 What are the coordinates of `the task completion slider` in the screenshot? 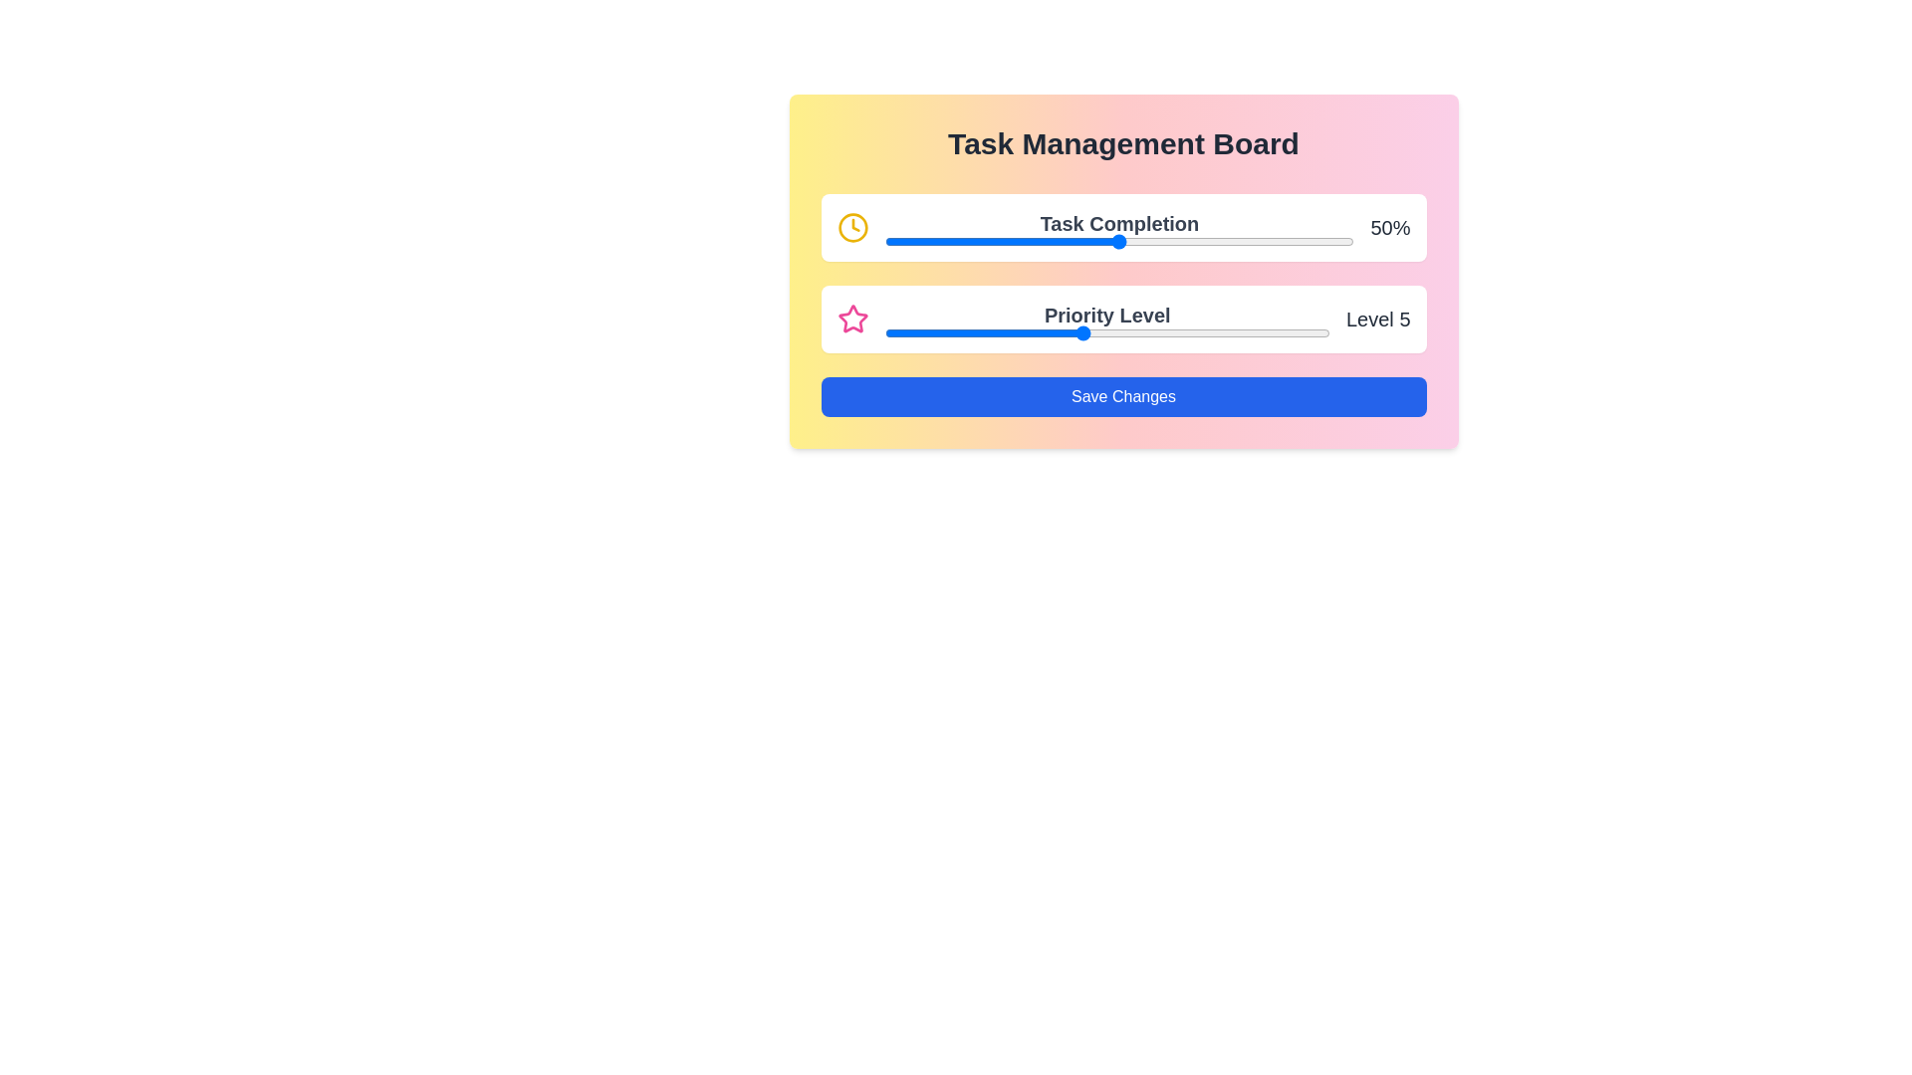 It's located at (1021, 241).